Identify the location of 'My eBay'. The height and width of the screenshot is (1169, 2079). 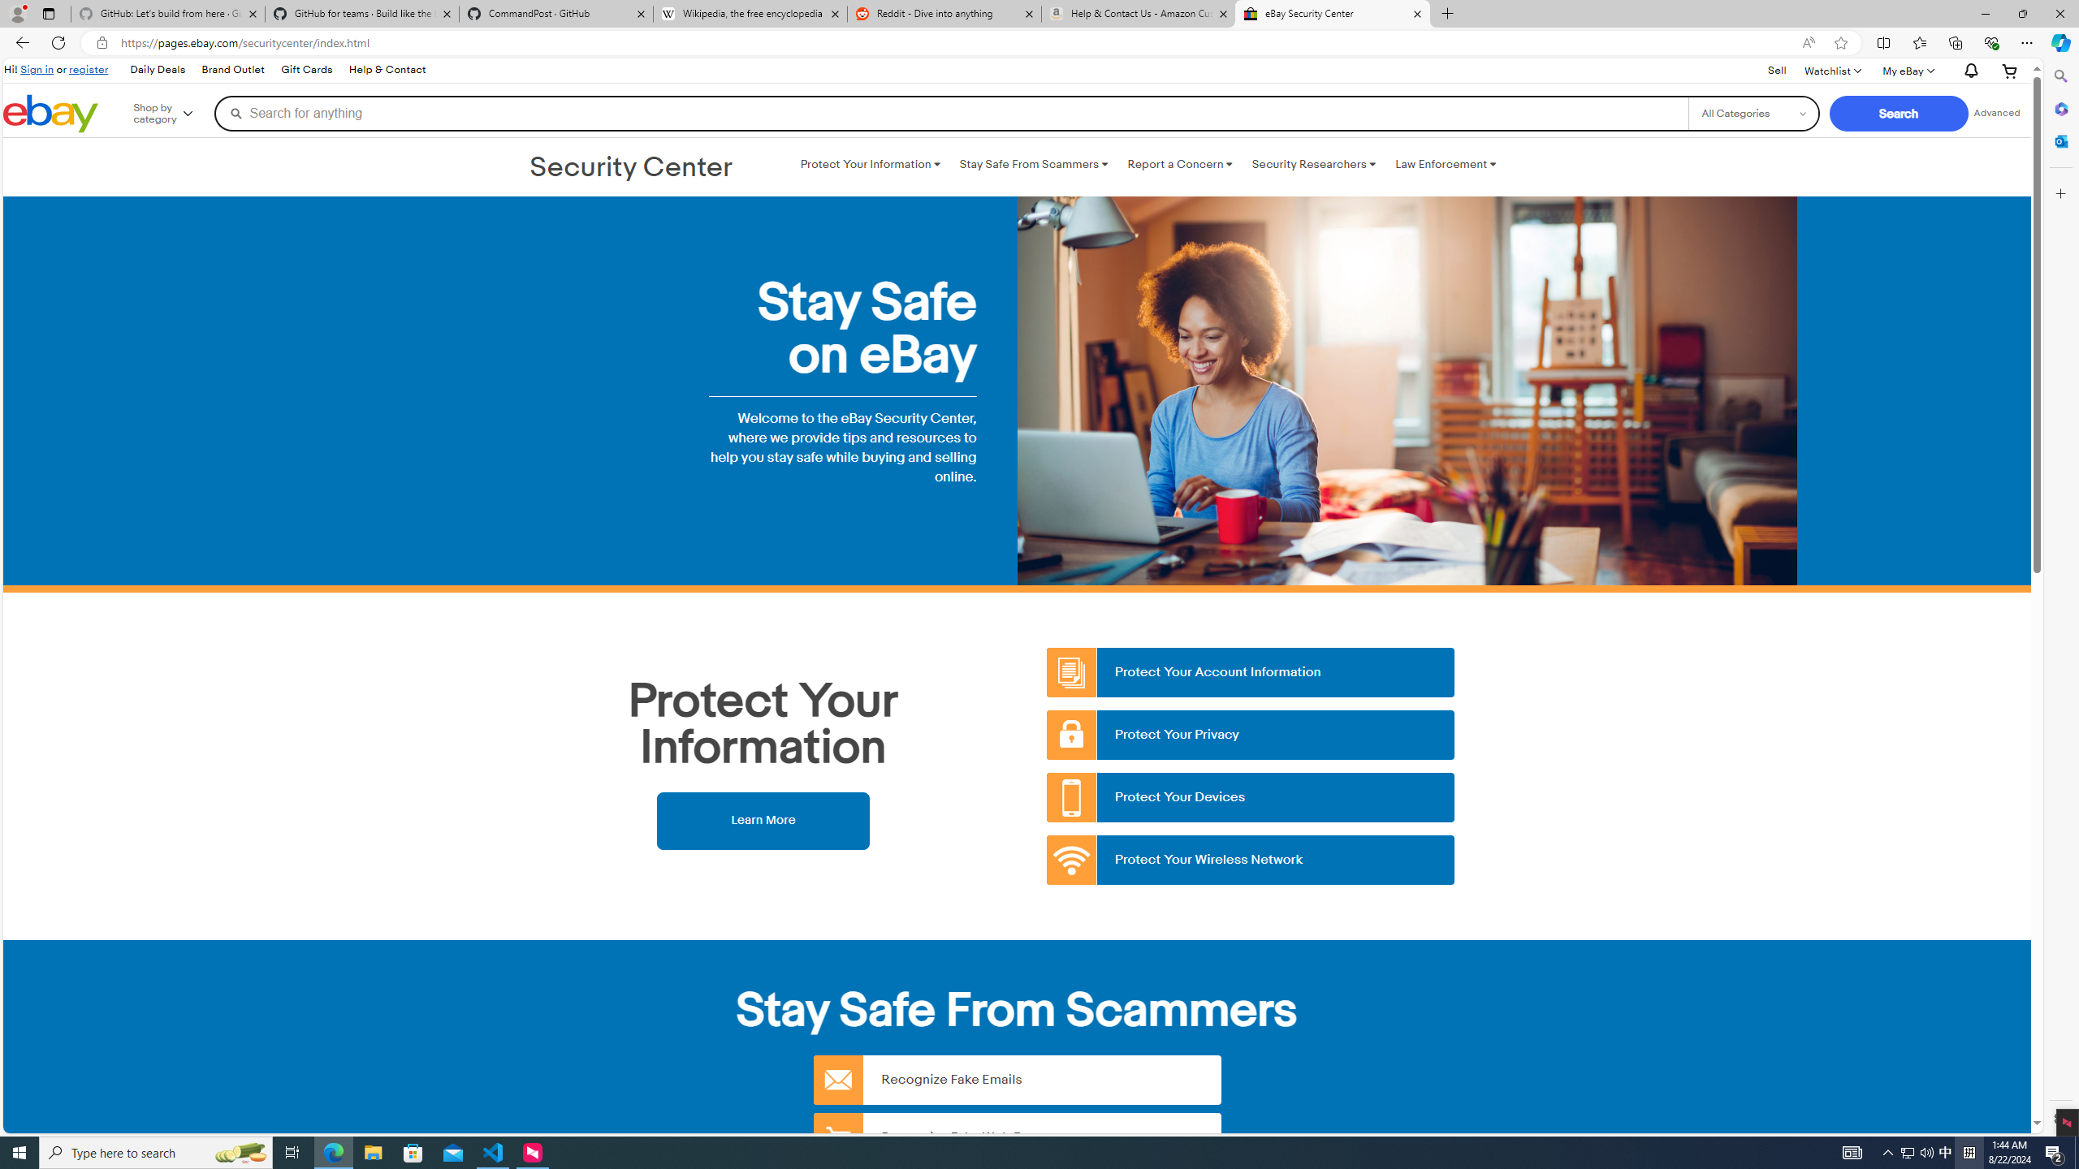
(1907, 71).